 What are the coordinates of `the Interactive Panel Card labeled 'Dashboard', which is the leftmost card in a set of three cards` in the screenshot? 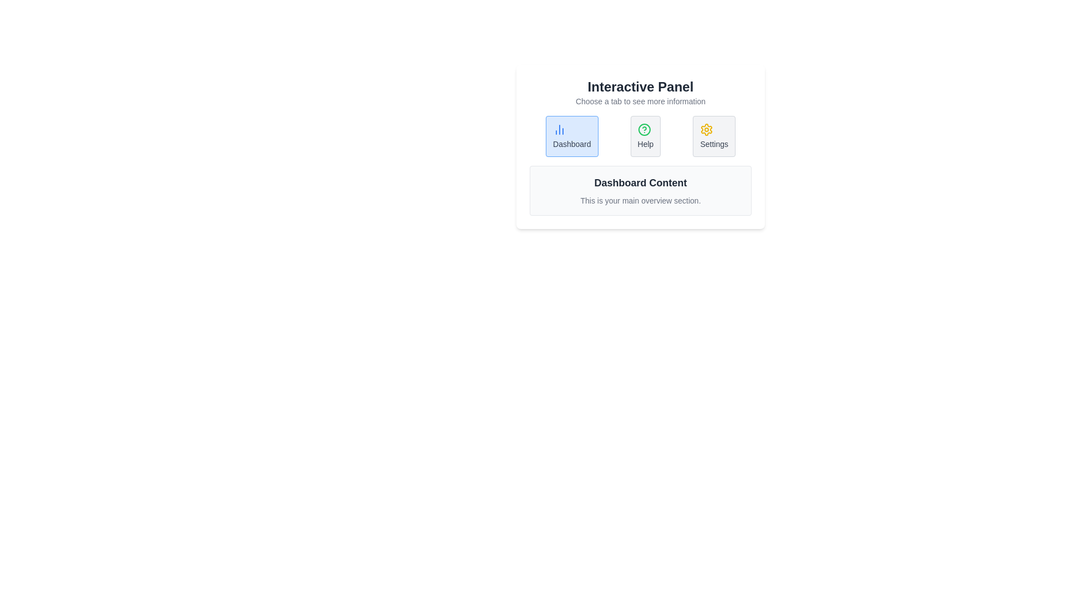 It's located at (572, 136).